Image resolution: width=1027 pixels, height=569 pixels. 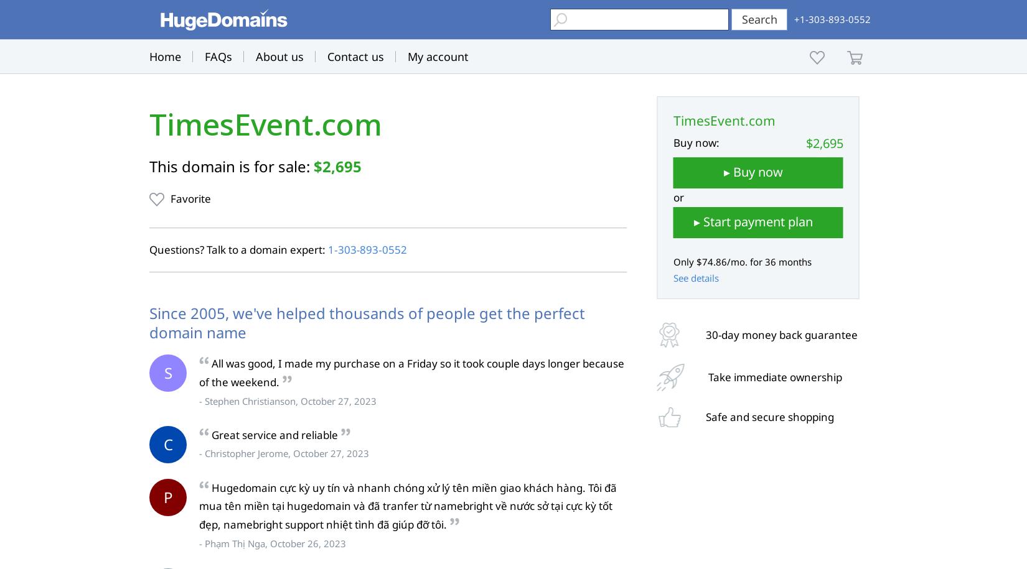 I want to click on 'Hugedomain cực kỳ uy tín và nhanh chóng xử lý tên miền giao khách hàng. Tôi đã mua tên miền tại hugedomain và đã tranfer từ namebright về nước sở tại cực kỳ tốt đẹp, namebright support nhiệt tình đã giúp đỡ tôi.', so click(x=407, y=505).